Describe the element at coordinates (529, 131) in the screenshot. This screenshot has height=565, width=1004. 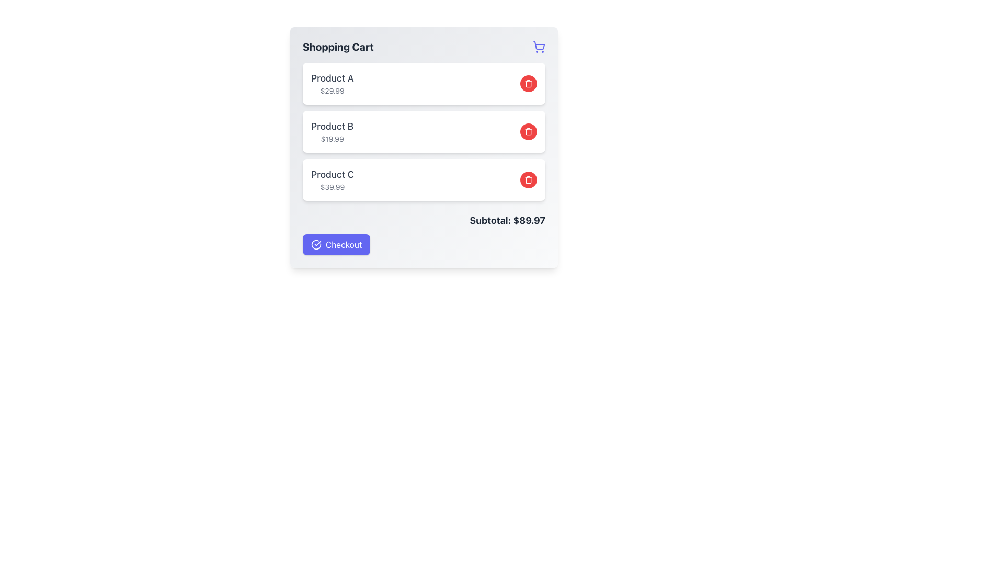
I see `the Trash can icon within the red button associated with 'Product B'` at that location.